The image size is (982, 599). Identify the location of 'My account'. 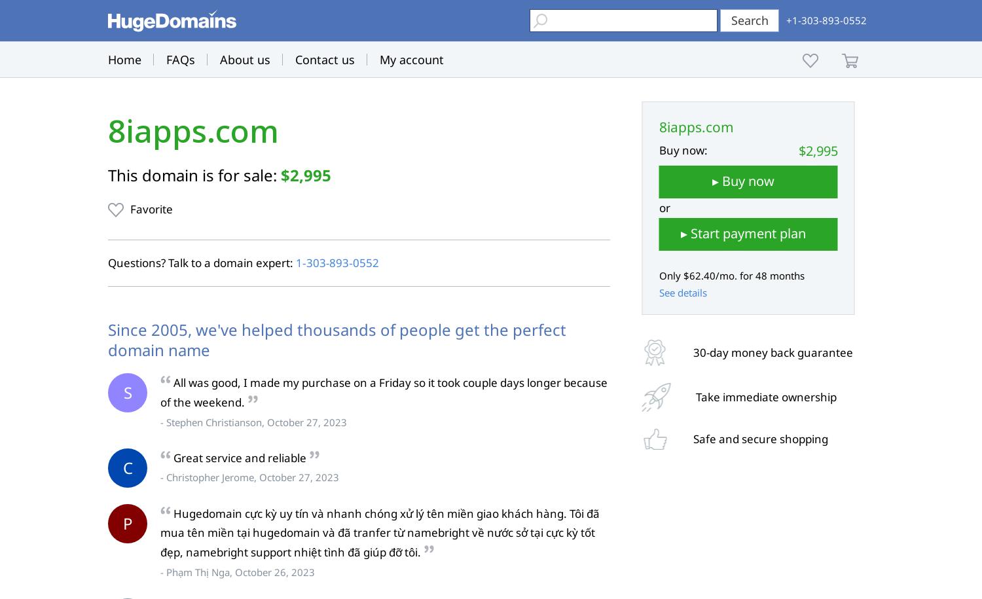
(411, 59).